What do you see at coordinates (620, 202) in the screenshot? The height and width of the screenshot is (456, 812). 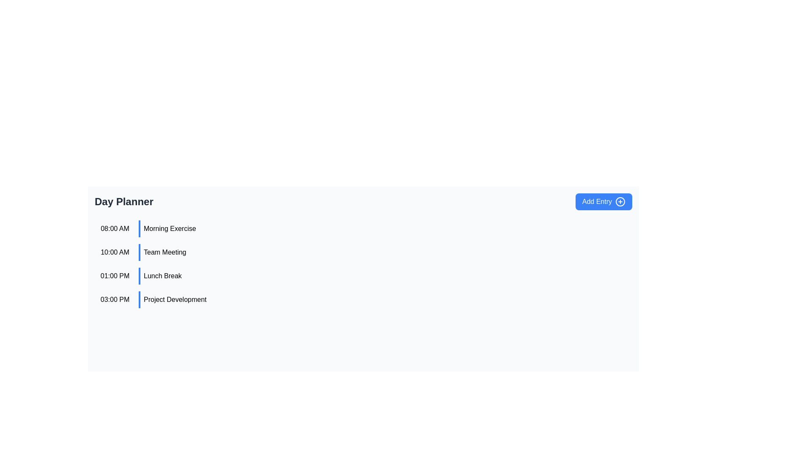 I see `the blue circular SVG icon with a white plus sign that is located to the right of the 'Add Entry' button` at bounding box center [620, 202].